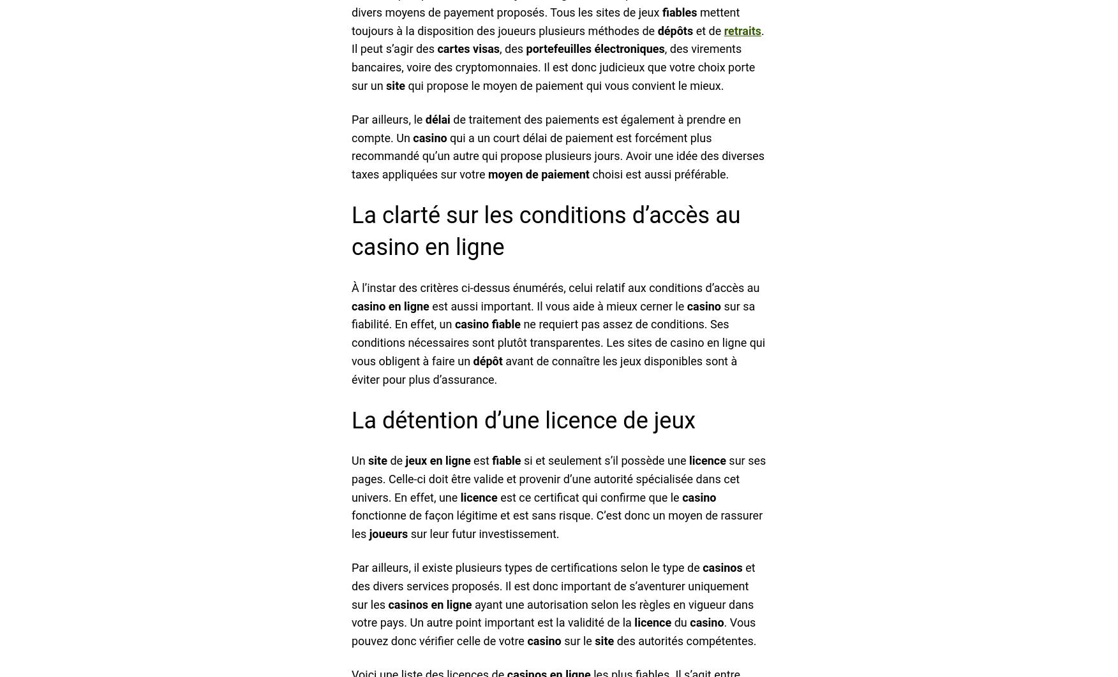 The height and width of the screenshot is (677, 1118). Describe the element at coordinates (486, 48) in the screenshot. I see `'visas'` at that location.